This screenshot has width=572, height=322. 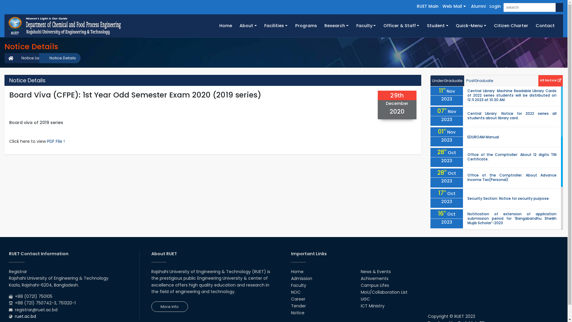 What do you see at coordinates (306, 25) in the screenshot?
I see `'Programs'` at bounding box center [306, 25].